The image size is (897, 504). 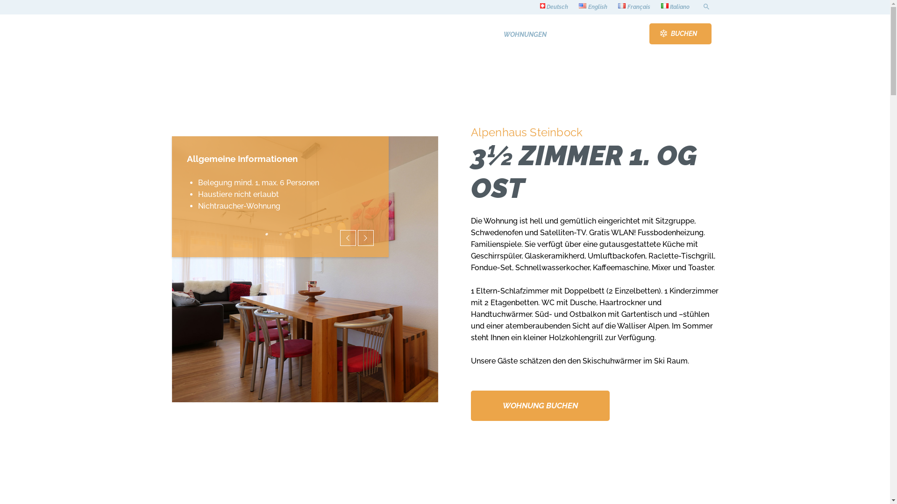 What do you see at coordinates (664, 6) in the screenshot?
I see `'Italiano'` at bounding box center [664, 6].